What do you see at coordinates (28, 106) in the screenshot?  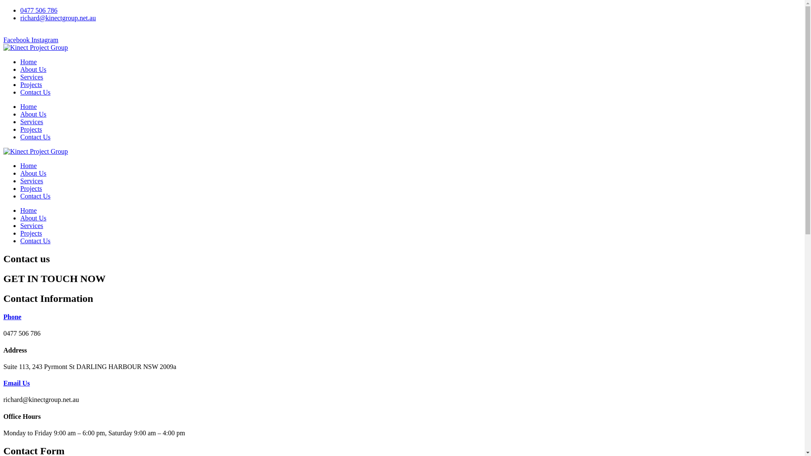 I see `'Home'` at bounding box center [28, 106].